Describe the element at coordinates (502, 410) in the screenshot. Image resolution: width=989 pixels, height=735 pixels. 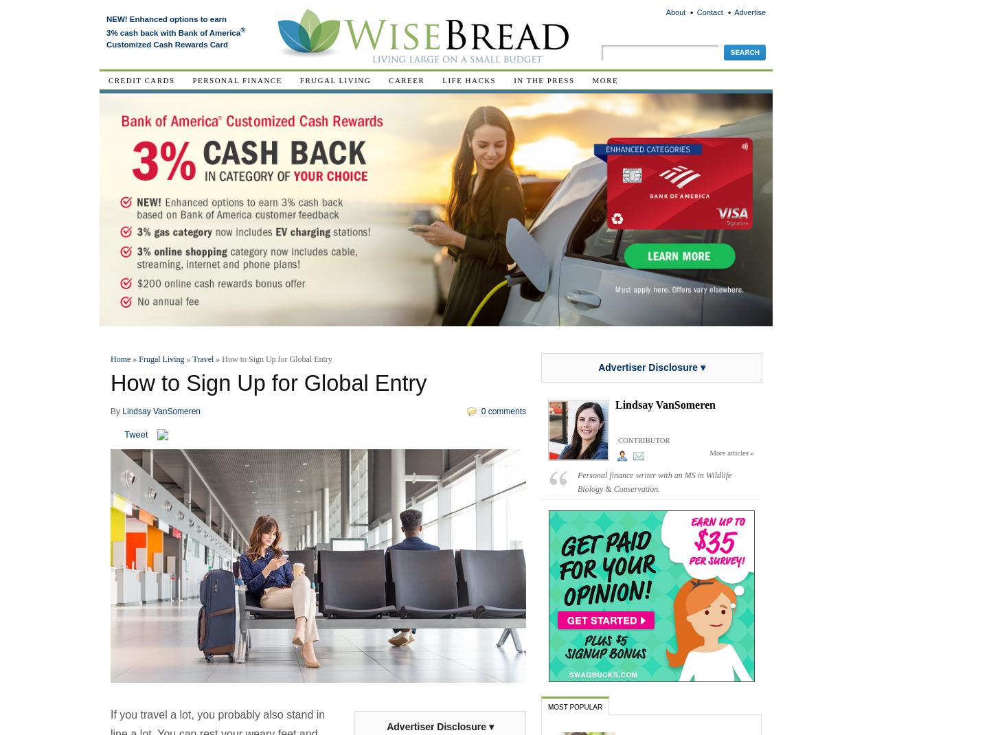
I see `'0 comments'` at that location.